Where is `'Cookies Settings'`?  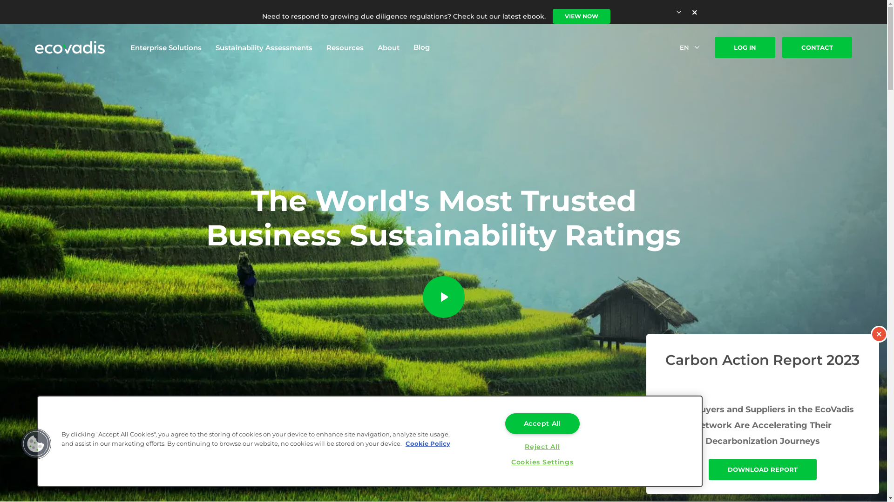 'Cookies Settings' is located at coordinates (542, 462).